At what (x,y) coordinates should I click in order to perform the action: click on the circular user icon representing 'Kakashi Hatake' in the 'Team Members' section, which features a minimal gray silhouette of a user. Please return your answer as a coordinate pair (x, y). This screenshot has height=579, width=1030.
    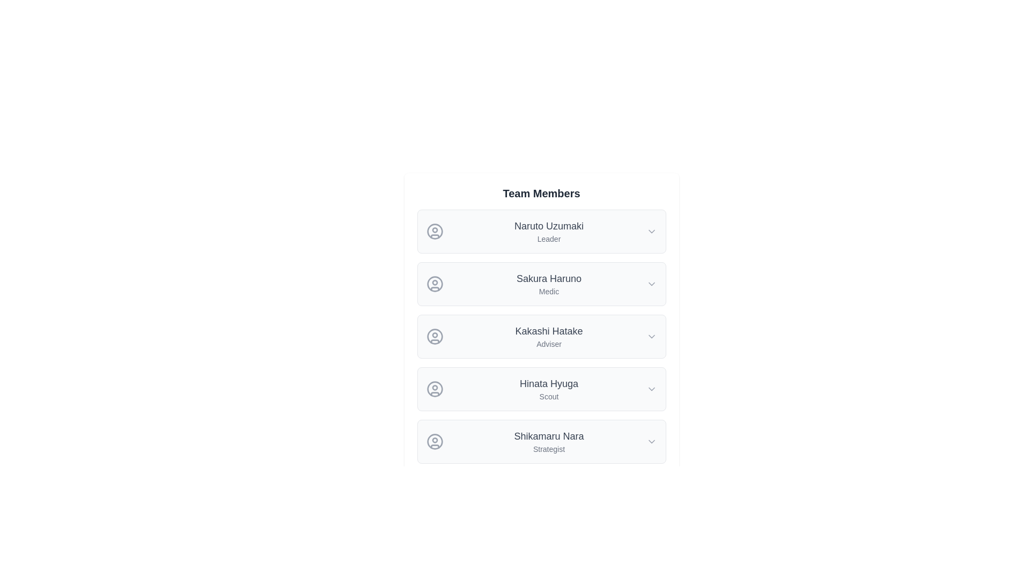
    Looking at the image, I should click on (435, 336).